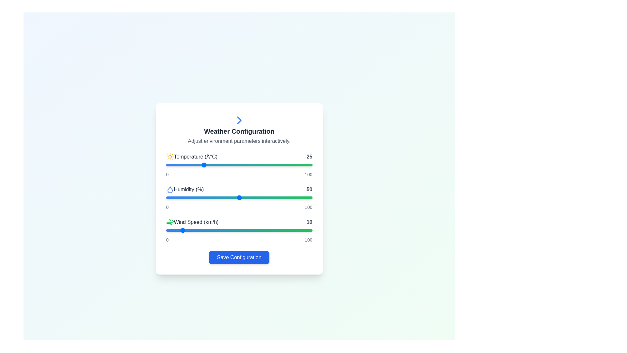 The image size is (627, 353). Describe the element at coordinates (281, 197) in the screenshot. I see `the humidity level` at that location.